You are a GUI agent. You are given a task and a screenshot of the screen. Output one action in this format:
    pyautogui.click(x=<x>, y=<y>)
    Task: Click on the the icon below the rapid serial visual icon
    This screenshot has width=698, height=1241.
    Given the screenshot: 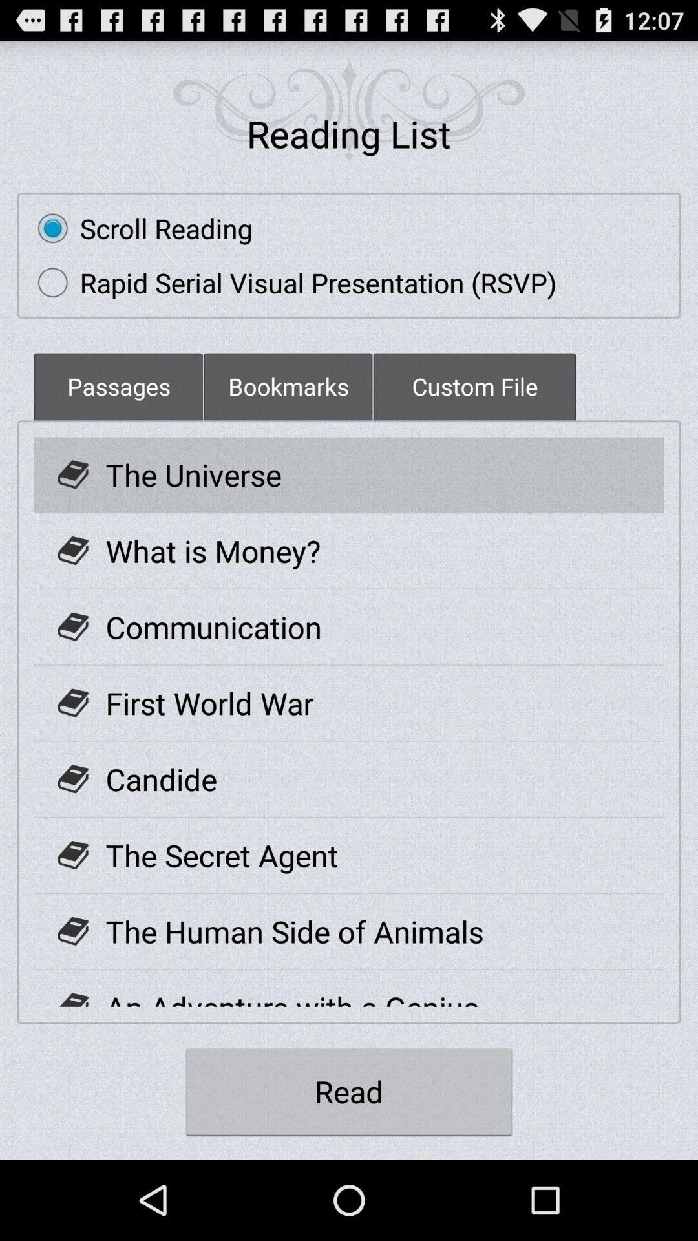 What is the action you would take?
    pyautogui.click(x=118, y=385)
    